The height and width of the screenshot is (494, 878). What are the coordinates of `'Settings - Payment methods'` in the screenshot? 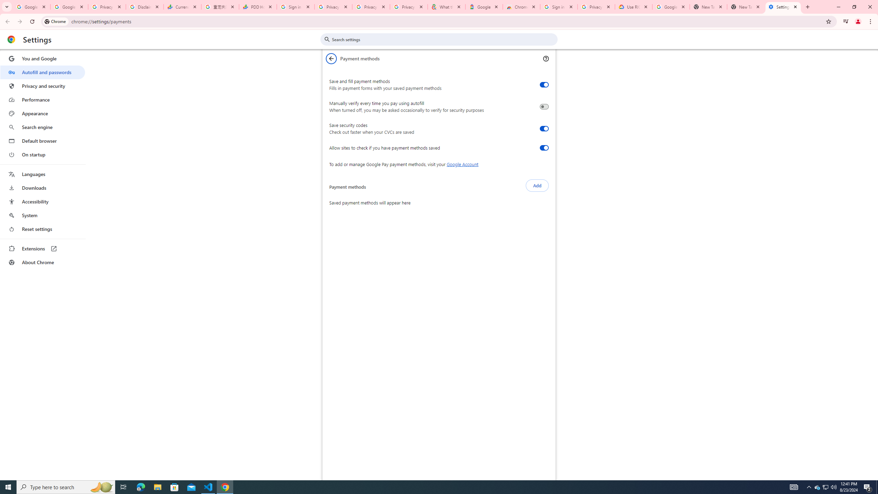 It's located at (783, 7).